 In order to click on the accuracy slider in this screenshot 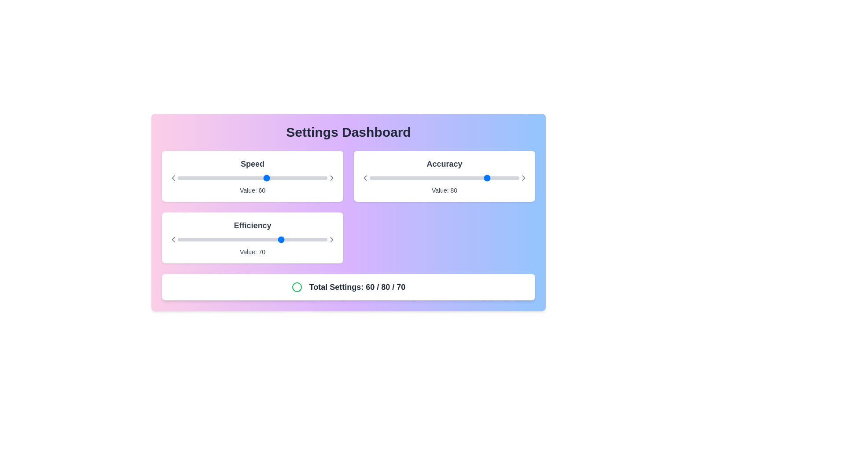, I will do `click(486, 178)`.